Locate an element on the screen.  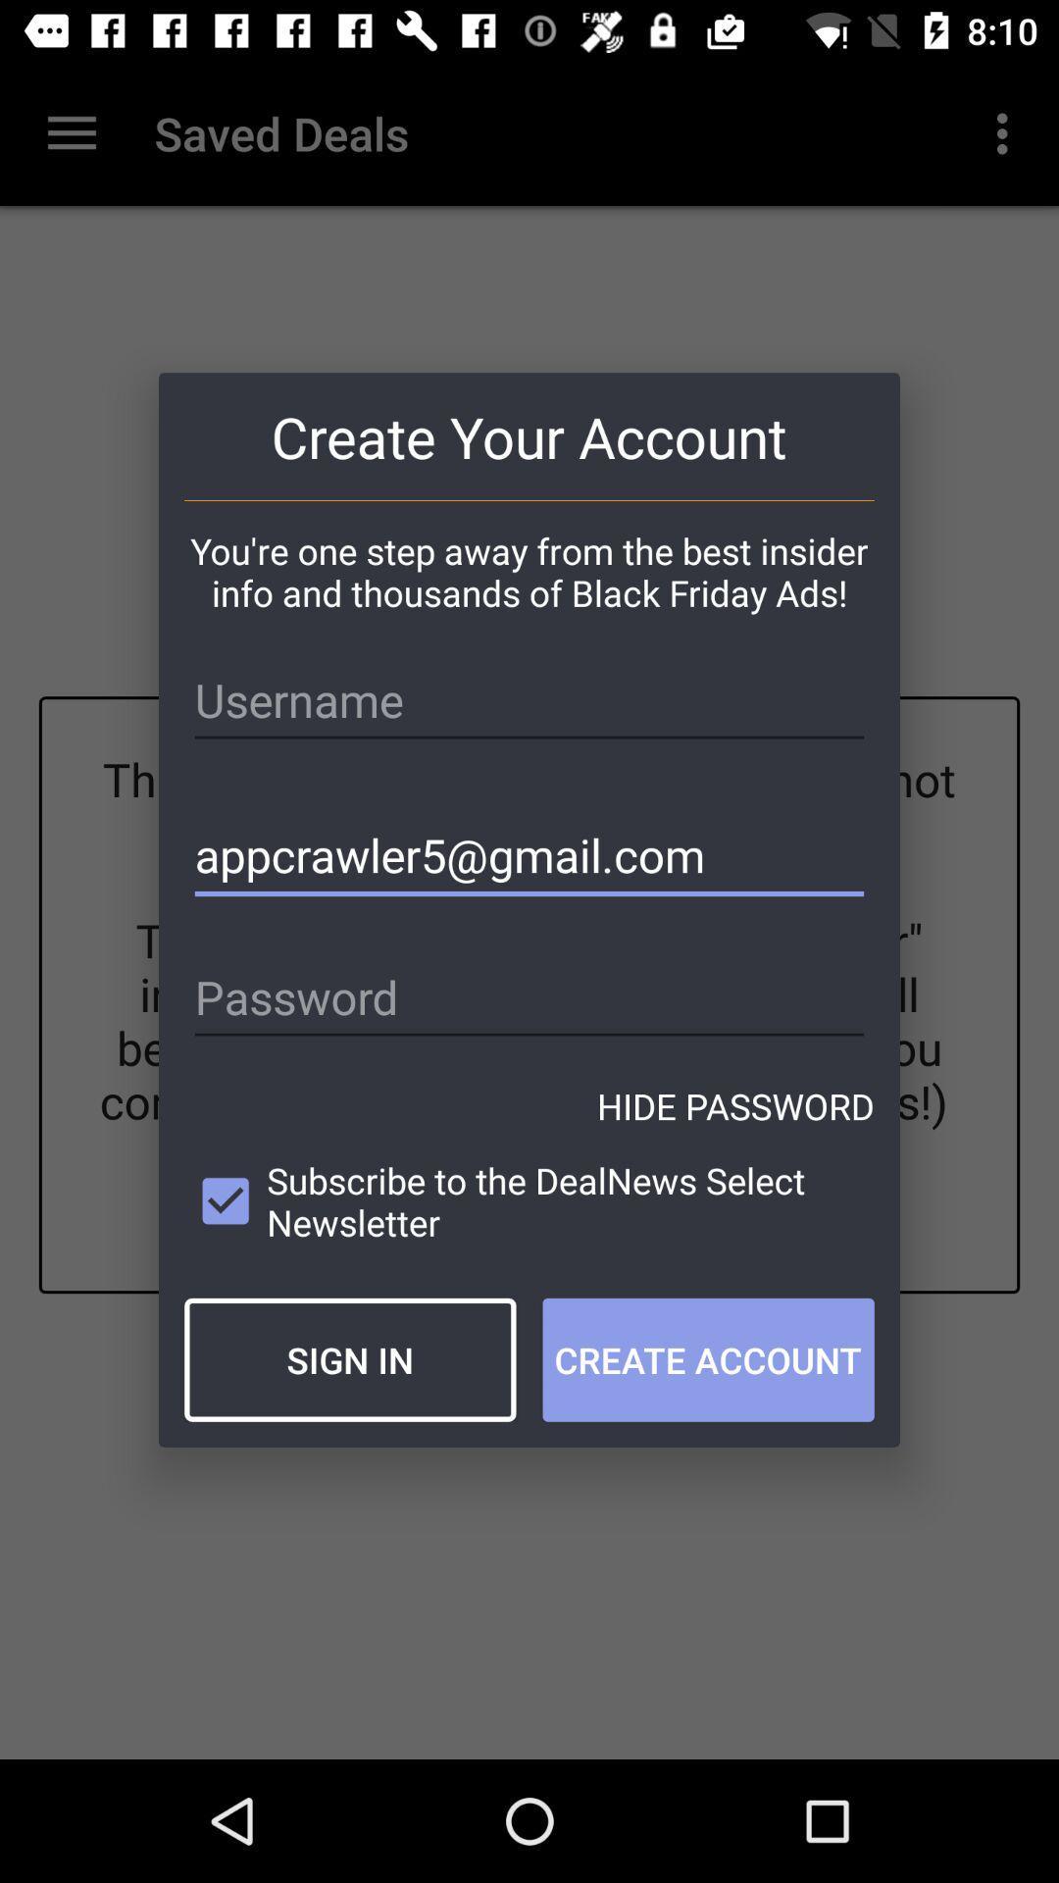
icon below the you re one is located at coordinates (529, 700).